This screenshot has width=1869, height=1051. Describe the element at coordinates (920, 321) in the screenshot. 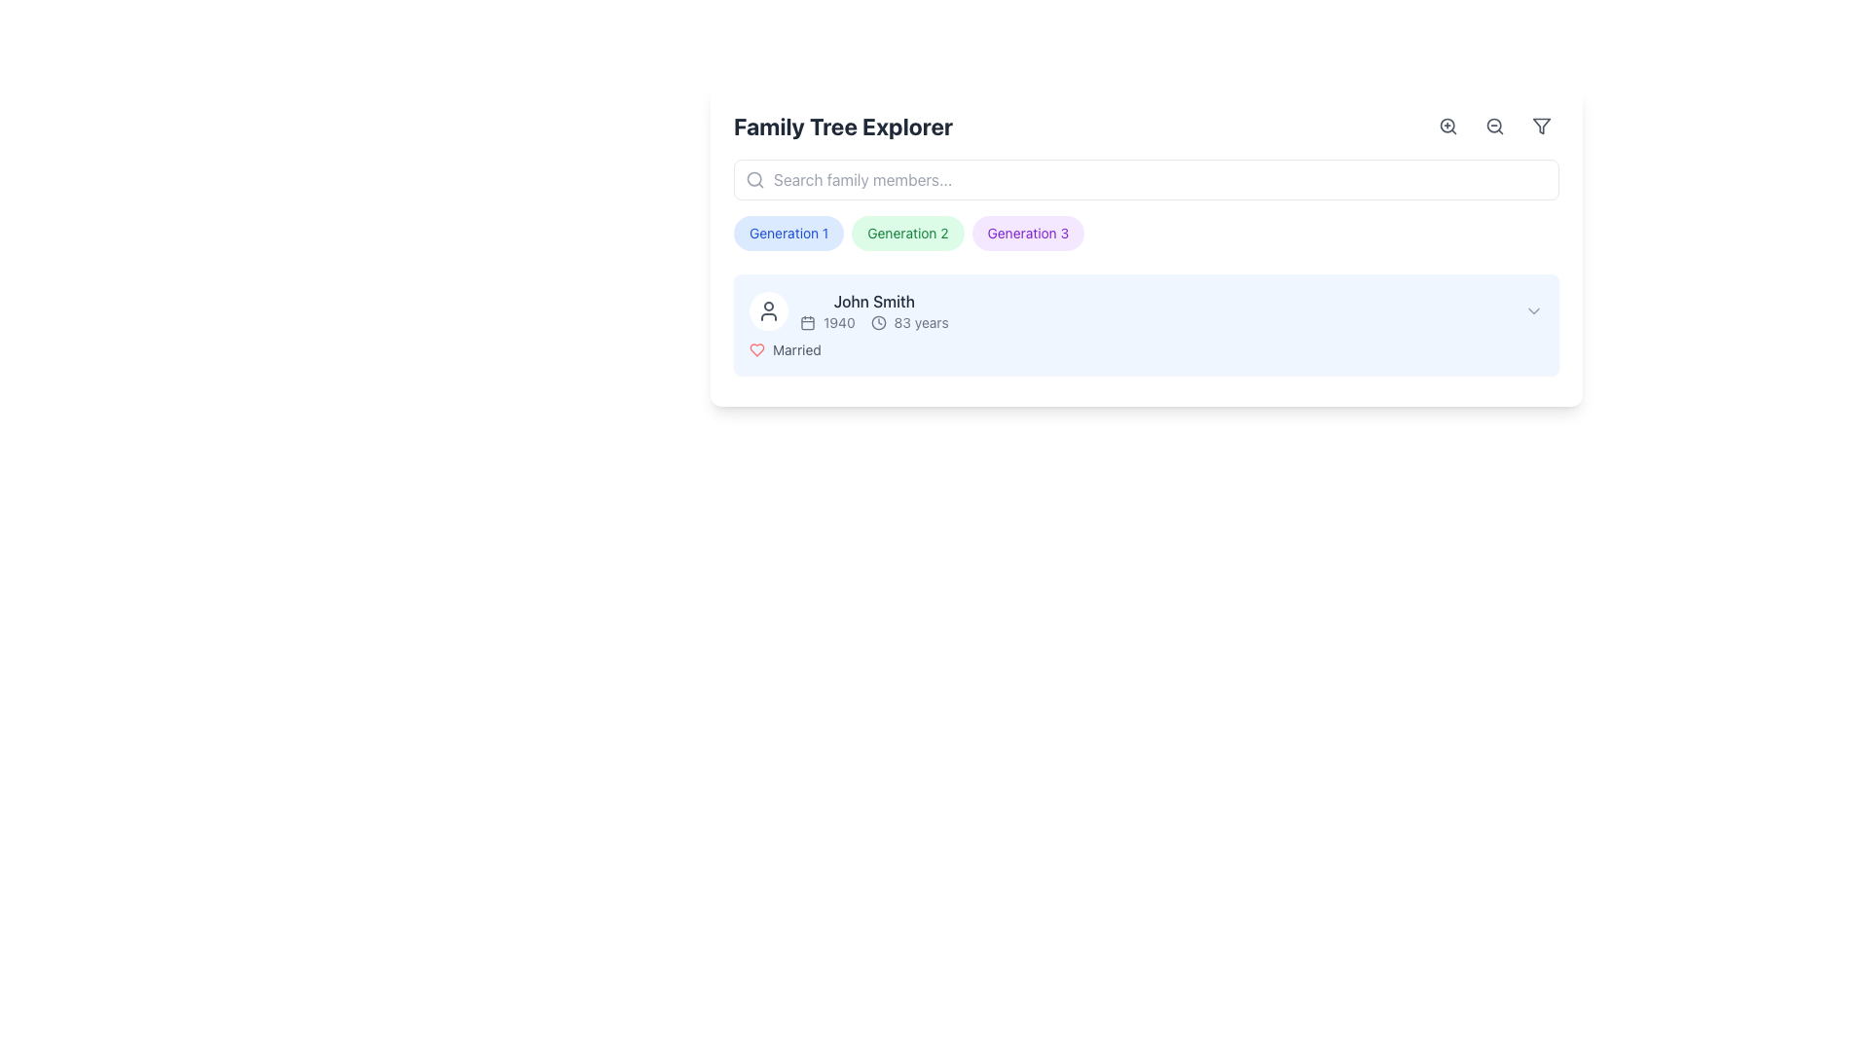

I see `displayed text of the Text label showing '83 years', which is styled in gray and positioned under the name 'John Smith'` at that location.